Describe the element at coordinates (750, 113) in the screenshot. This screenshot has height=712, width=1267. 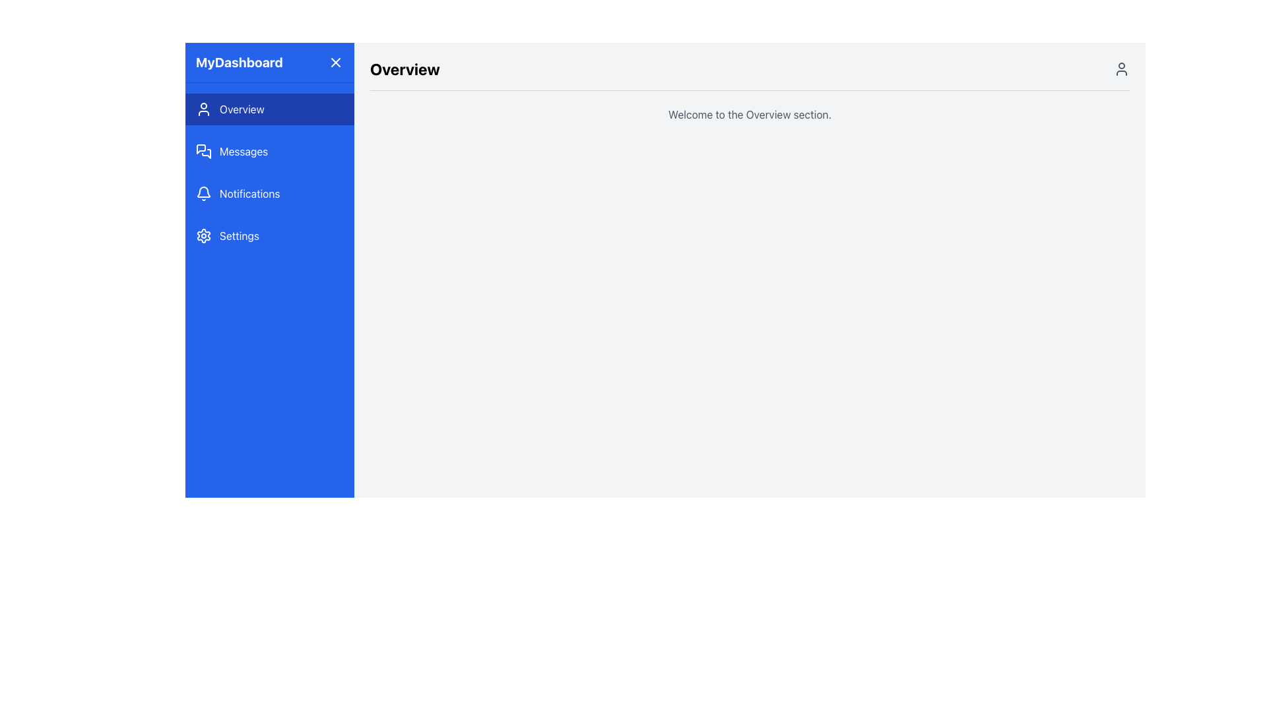
I see `the textual banner reading 'Welcome to the Overview section.' which is located beneath the bold 'Overview' heading, top-center of the page` at that location.